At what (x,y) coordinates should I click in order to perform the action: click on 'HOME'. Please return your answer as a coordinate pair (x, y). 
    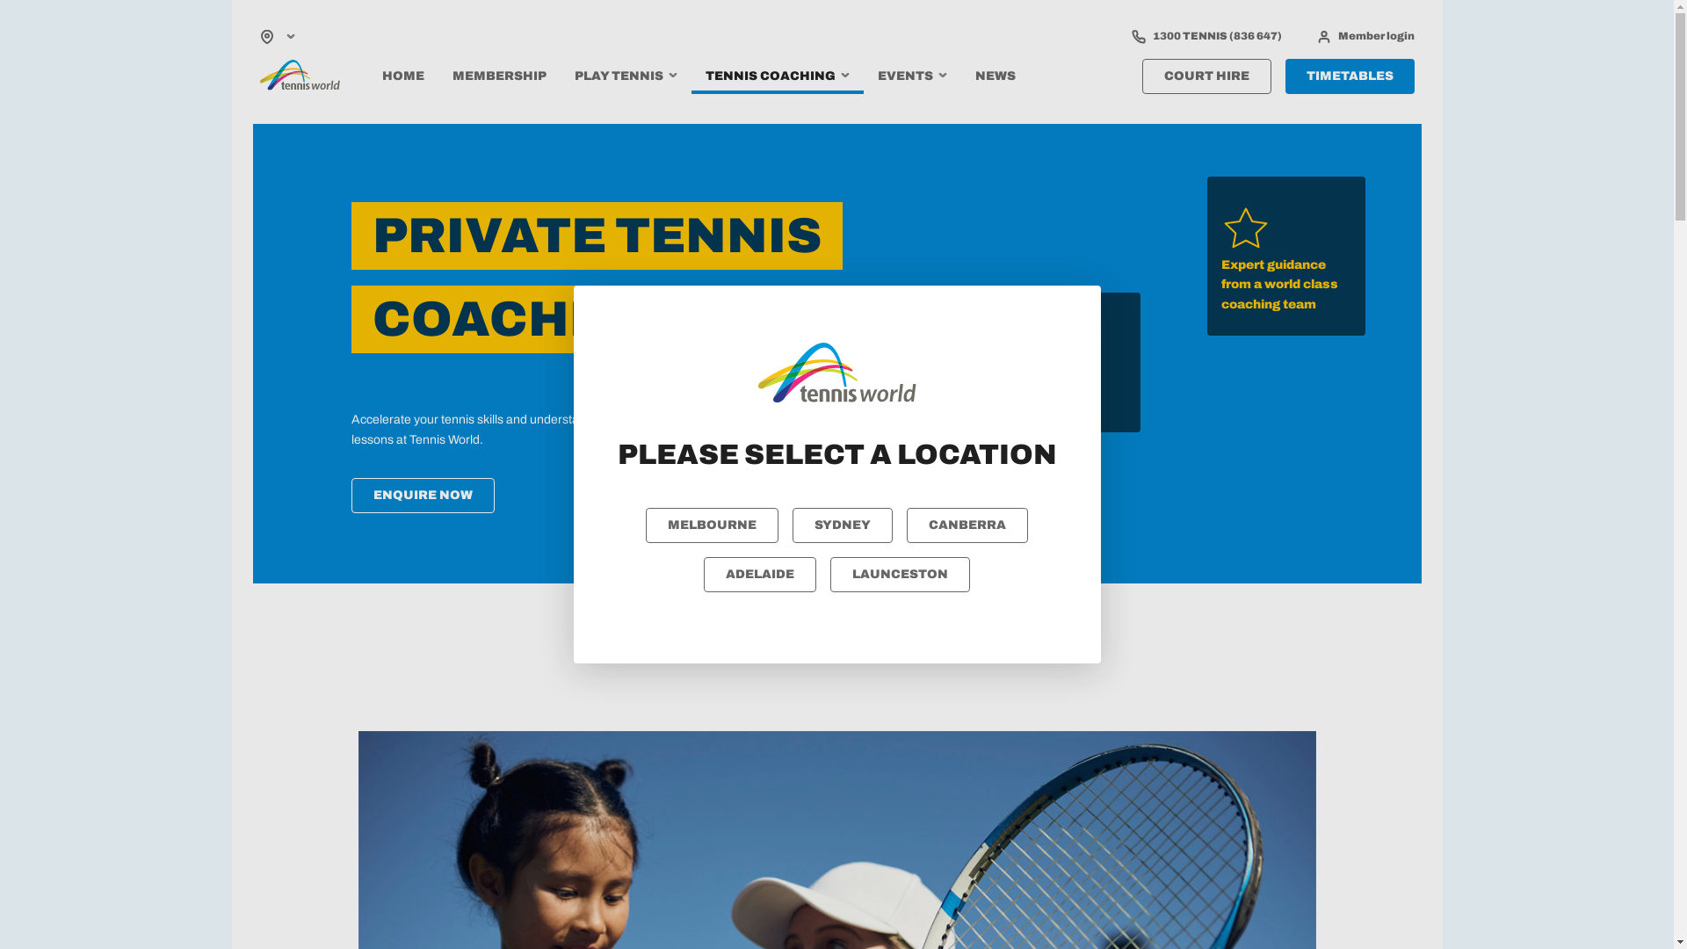
    Looking at the image, I should click on (401, 76).